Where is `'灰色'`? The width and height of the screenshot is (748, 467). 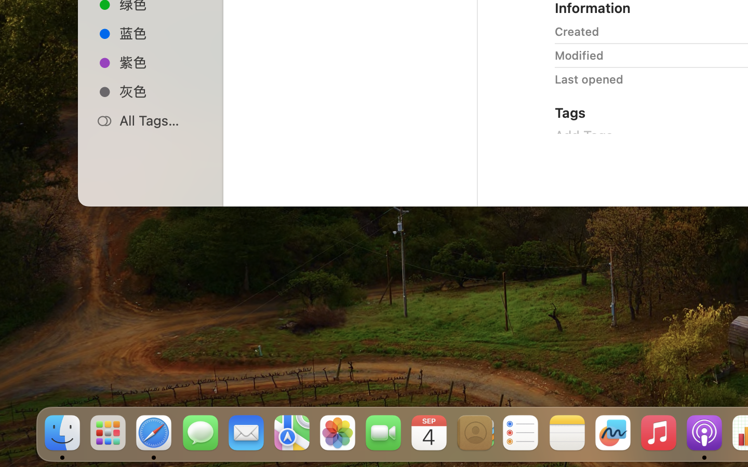
'灰色' is located at coordinates (162, 91).